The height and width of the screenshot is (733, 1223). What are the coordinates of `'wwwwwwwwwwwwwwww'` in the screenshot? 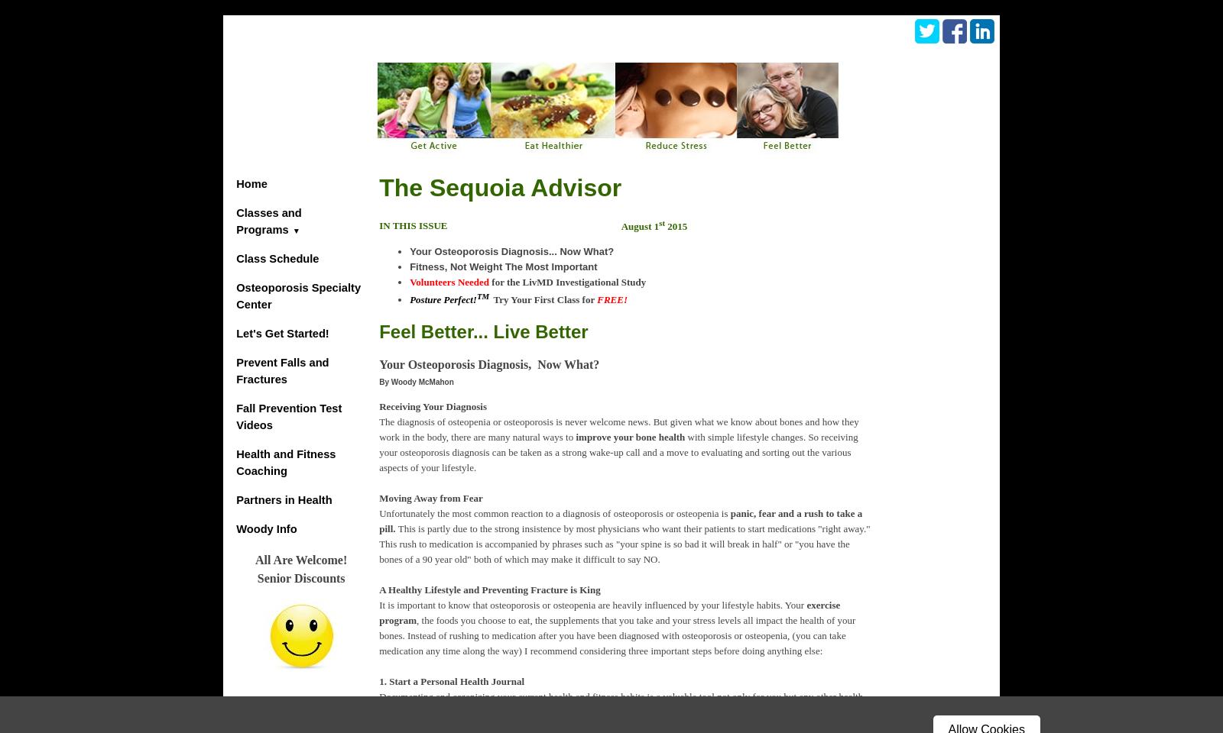 It's located at (931, 252).